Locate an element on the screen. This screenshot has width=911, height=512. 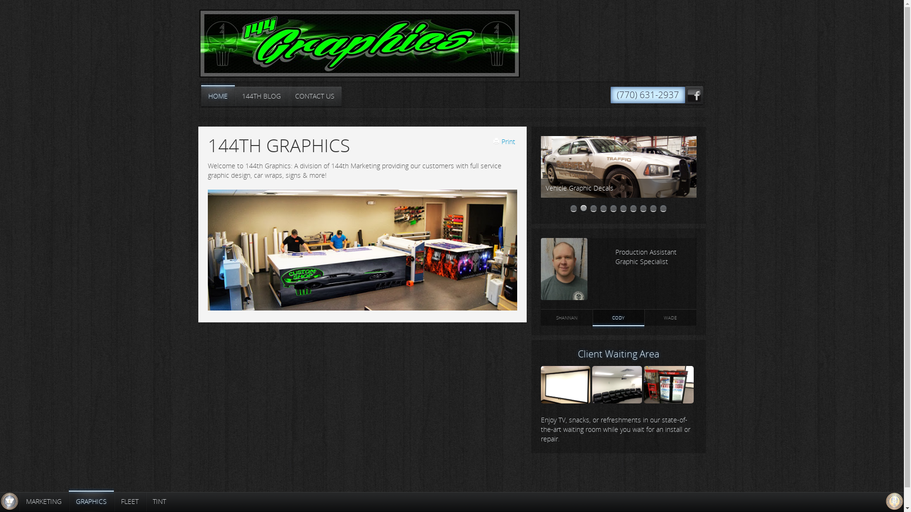
'144TH BLOG' is located at coordinates (261, 96).